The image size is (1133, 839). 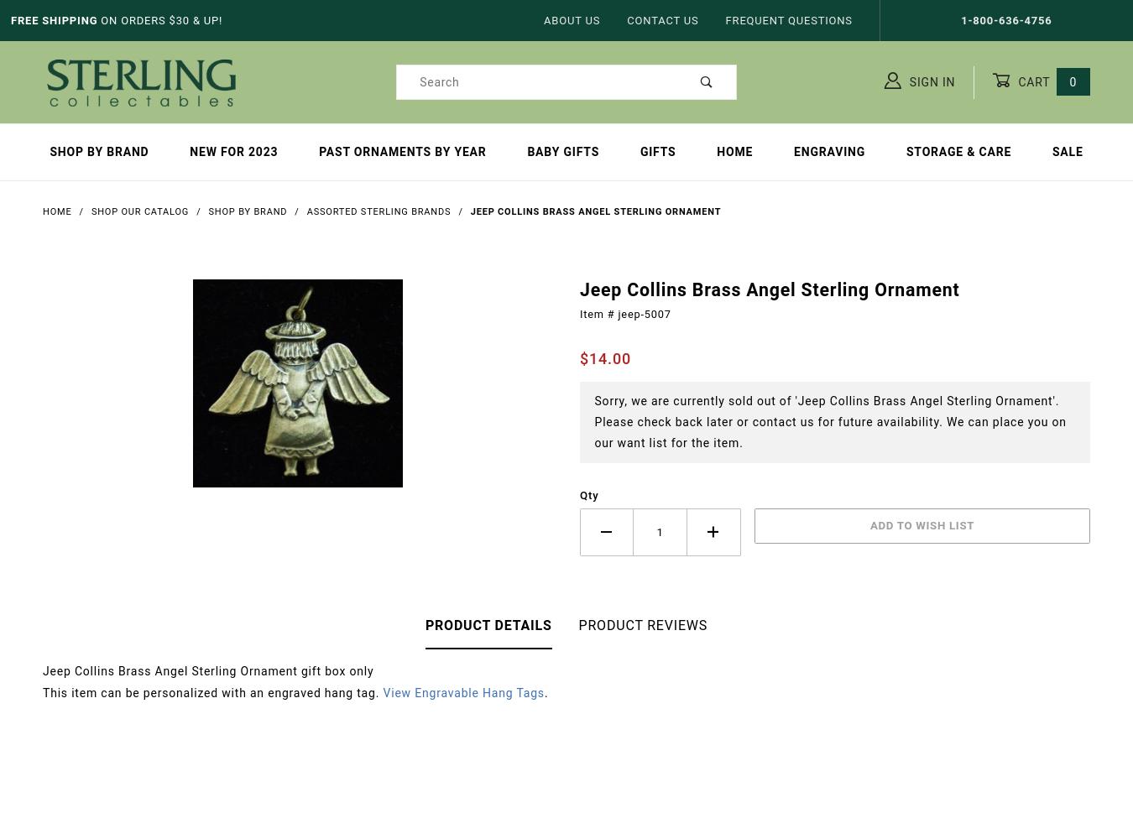 What do you see at coordinates (625, 20) in the screenshot?
I see `'Contact Us'` at bounding box center [625, 20].